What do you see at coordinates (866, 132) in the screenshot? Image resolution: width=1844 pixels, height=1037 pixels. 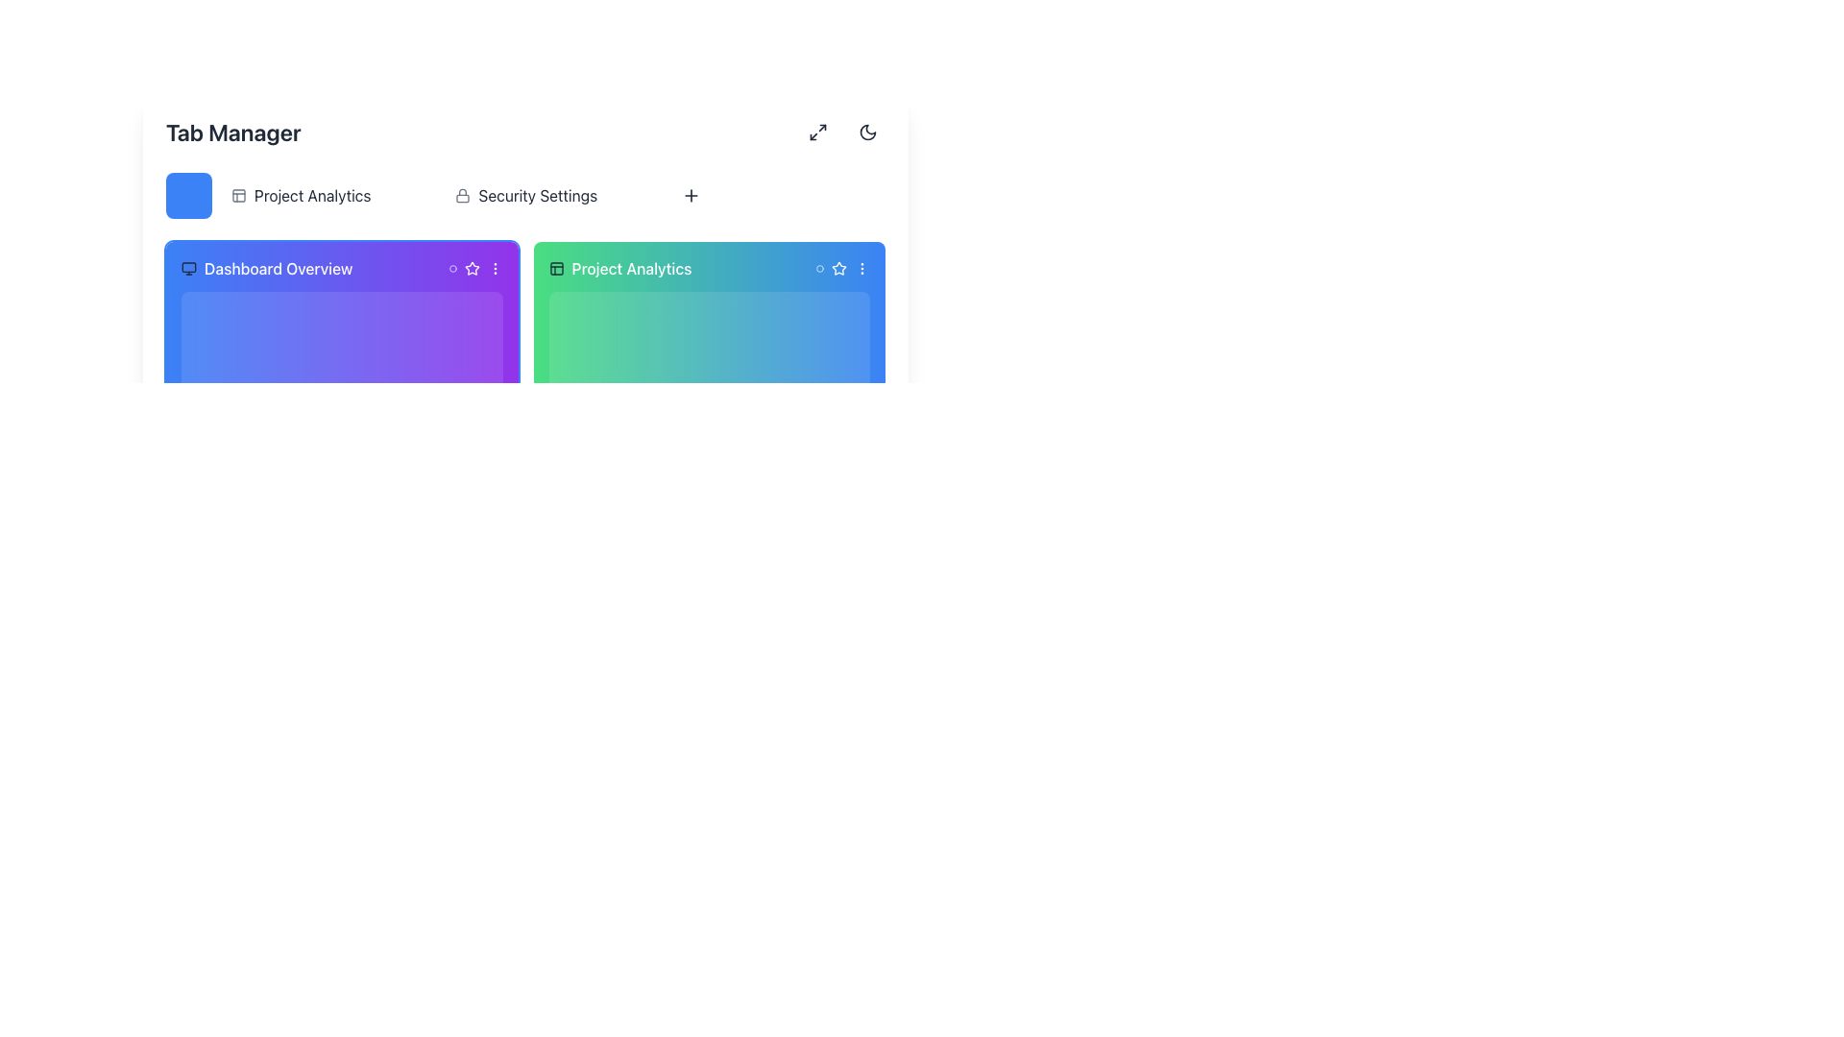 I see `the dark mode toggle icon located in the top-right corner of the interface` at bounding box center [866, 132].